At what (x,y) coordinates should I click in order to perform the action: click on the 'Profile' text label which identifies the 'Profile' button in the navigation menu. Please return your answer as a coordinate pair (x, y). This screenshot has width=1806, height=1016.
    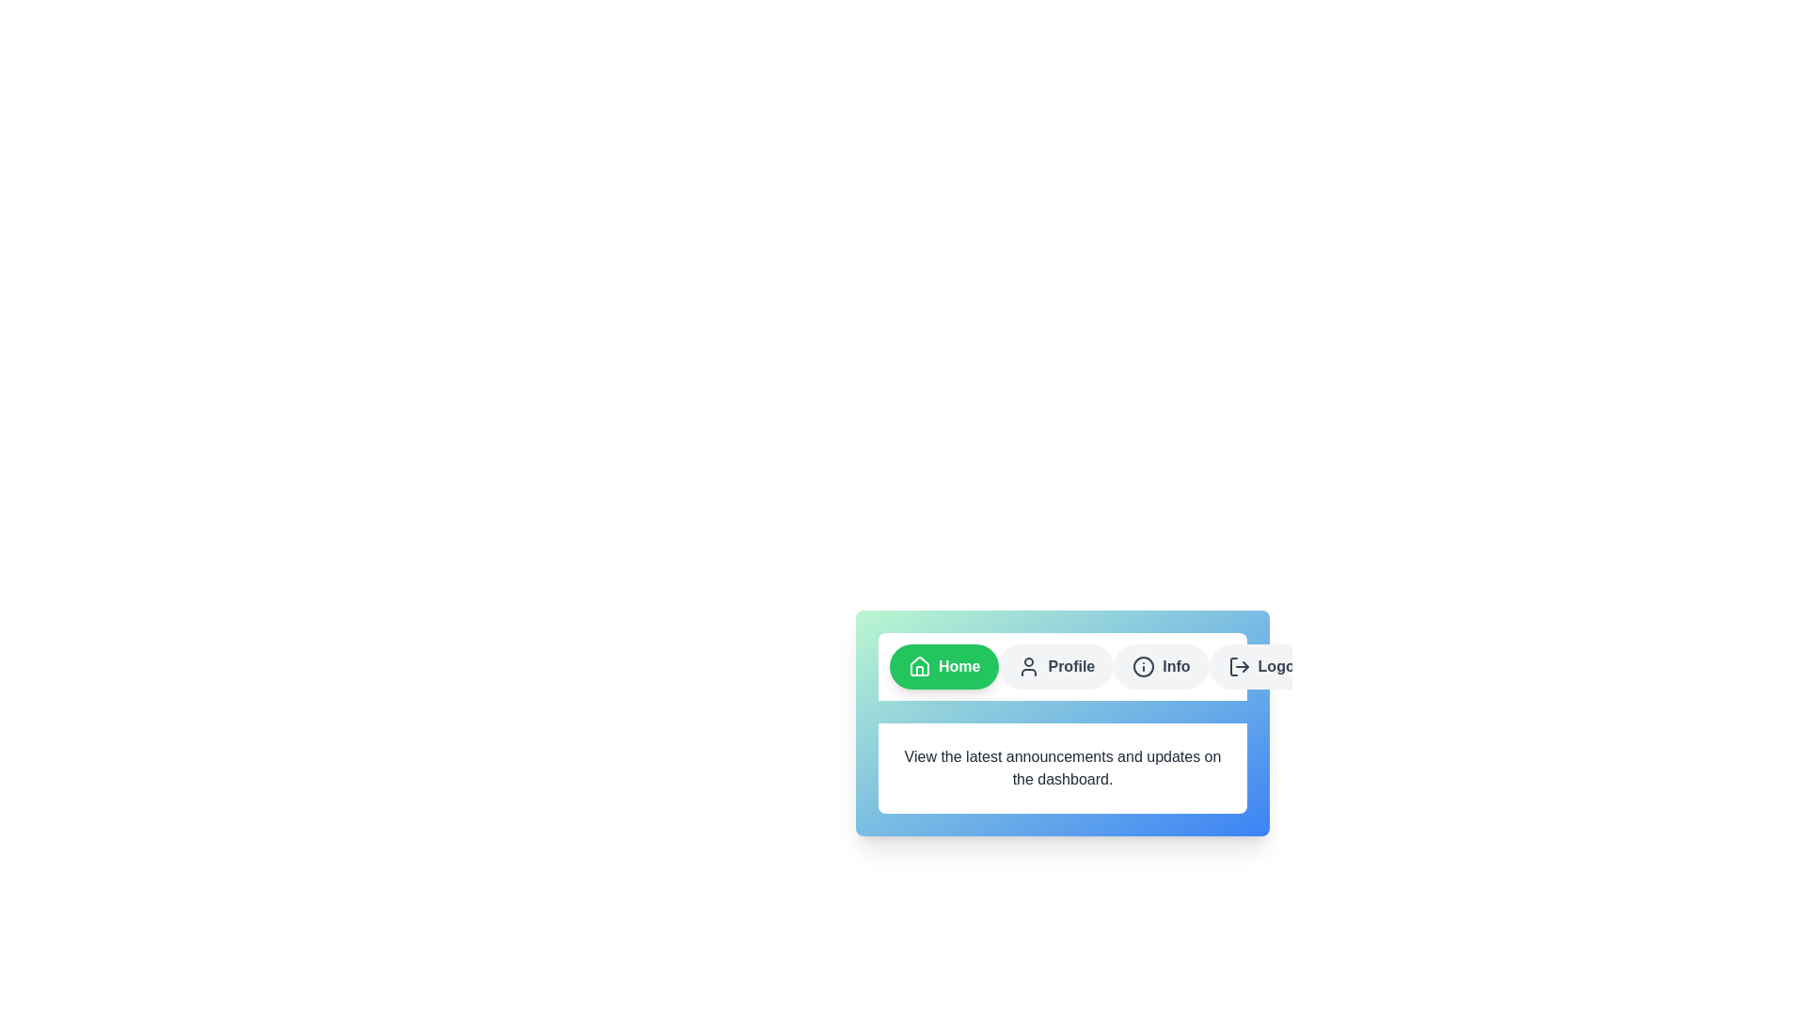
    Looking at the image, I should click on (1070, 666).